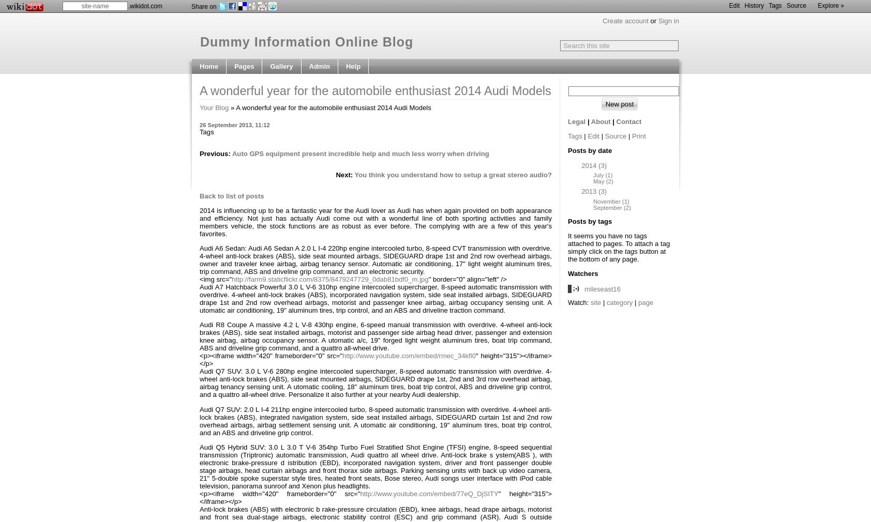 Image resolution: width=871 pixels, height=522 pixels. What do you see at coordinates (453, 174) in the screenshot?
I see `'You think you understand how to setup a great stereo audio?'` at bounding box center [453, 174].